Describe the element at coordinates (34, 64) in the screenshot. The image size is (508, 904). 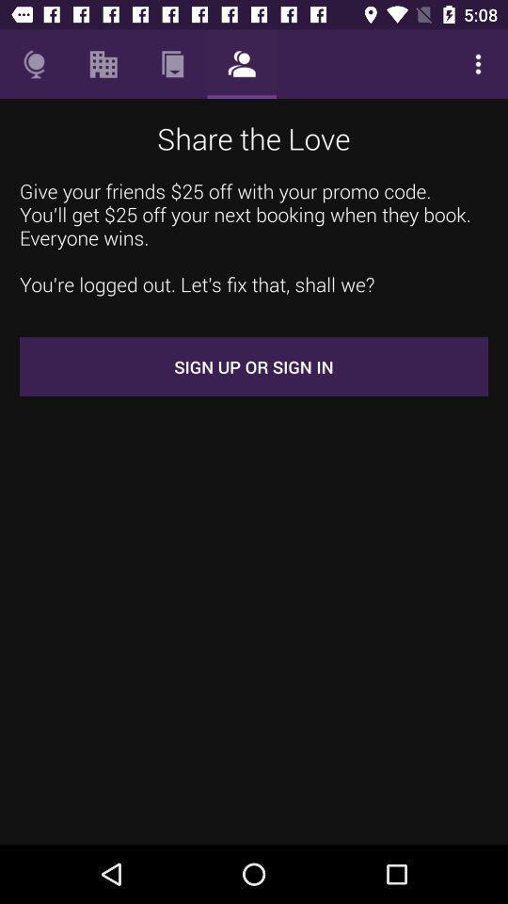
I see `icon above the give your friends item` at that location.